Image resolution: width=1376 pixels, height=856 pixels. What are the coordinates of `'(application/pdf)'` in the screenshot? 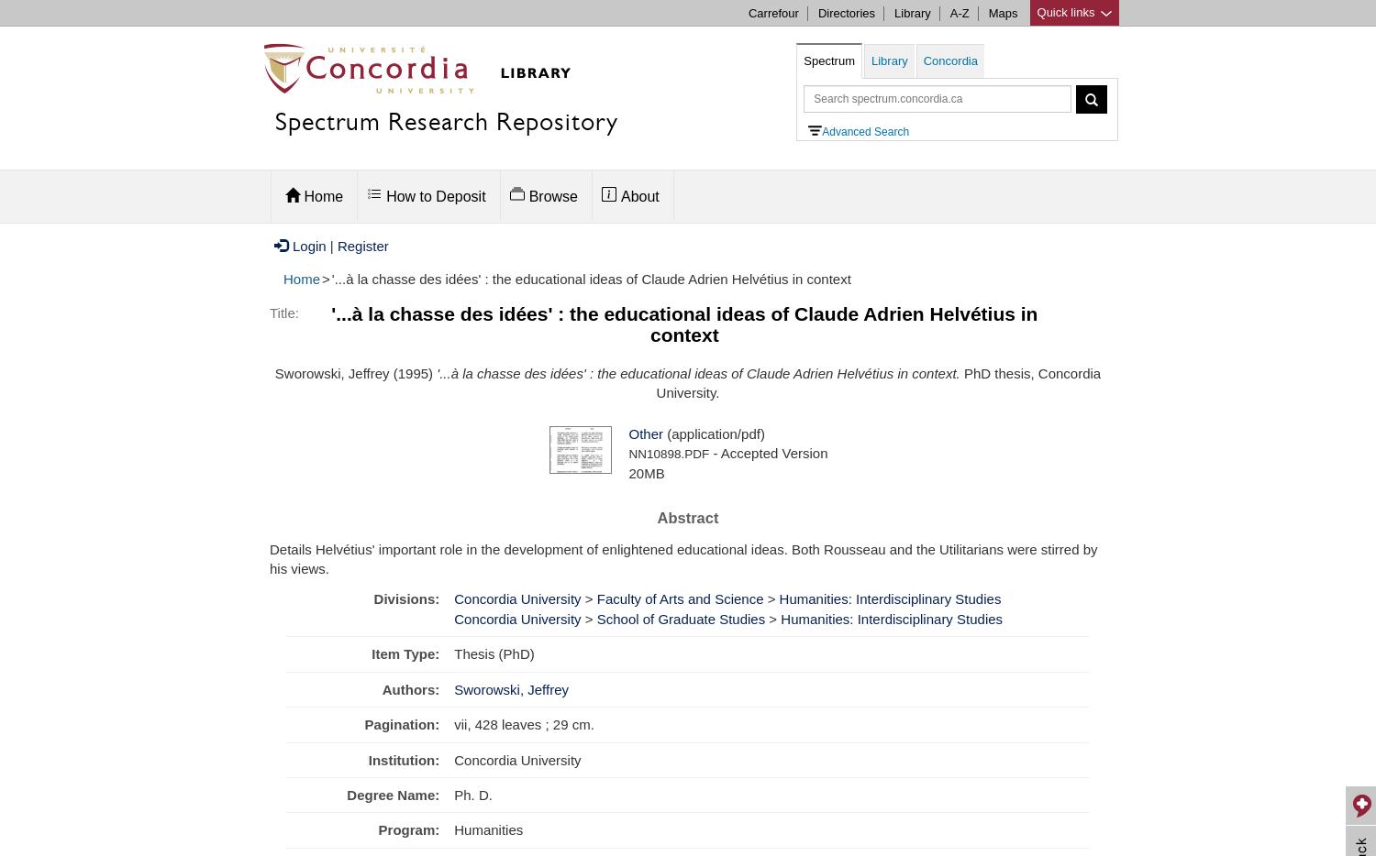 It's located at (660, 432).